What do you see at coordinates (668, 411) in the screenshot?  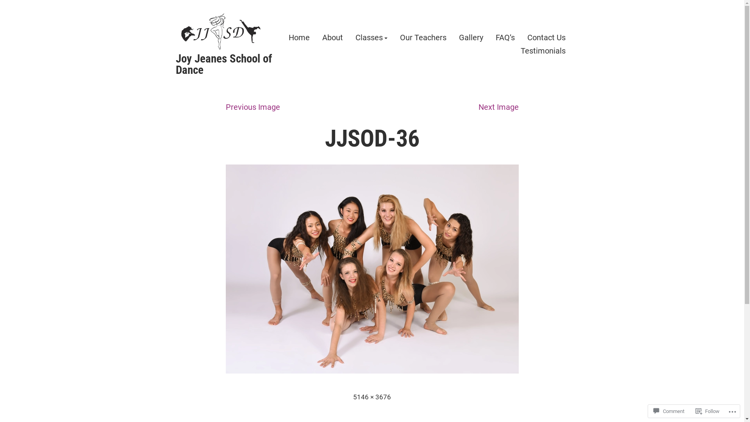 I see `'Comment'` at bounding box center [668, 411].